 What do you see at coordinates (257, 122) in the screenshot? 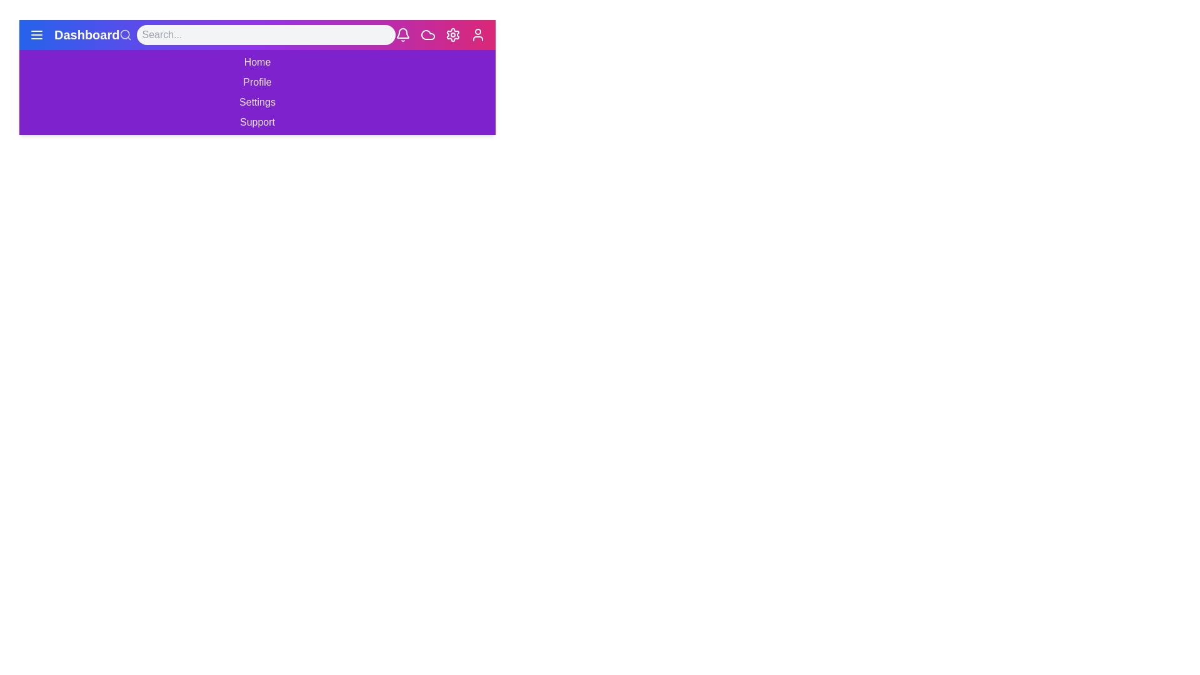
I see `the menu item Support in the navigation bar` at bounding box center [257, 122].